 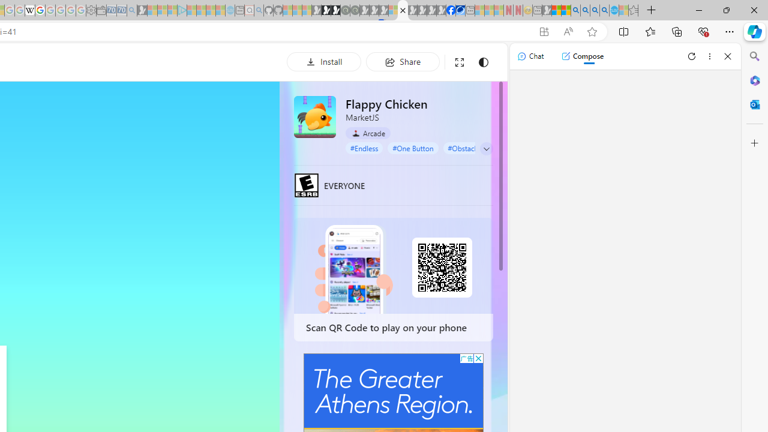 I want to click on 'Arcade', so click(x=367, y=133).